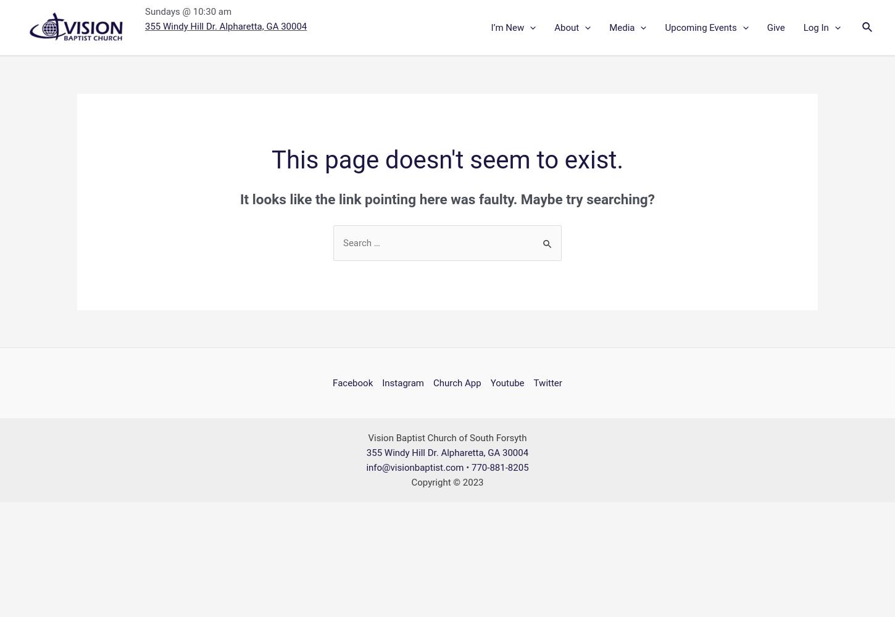 This screenshot has height=617, width=895. What do you see at coordinates (352, 382) in the screenshot?
I see `'Facebook'` at bounding box center [352, 382].